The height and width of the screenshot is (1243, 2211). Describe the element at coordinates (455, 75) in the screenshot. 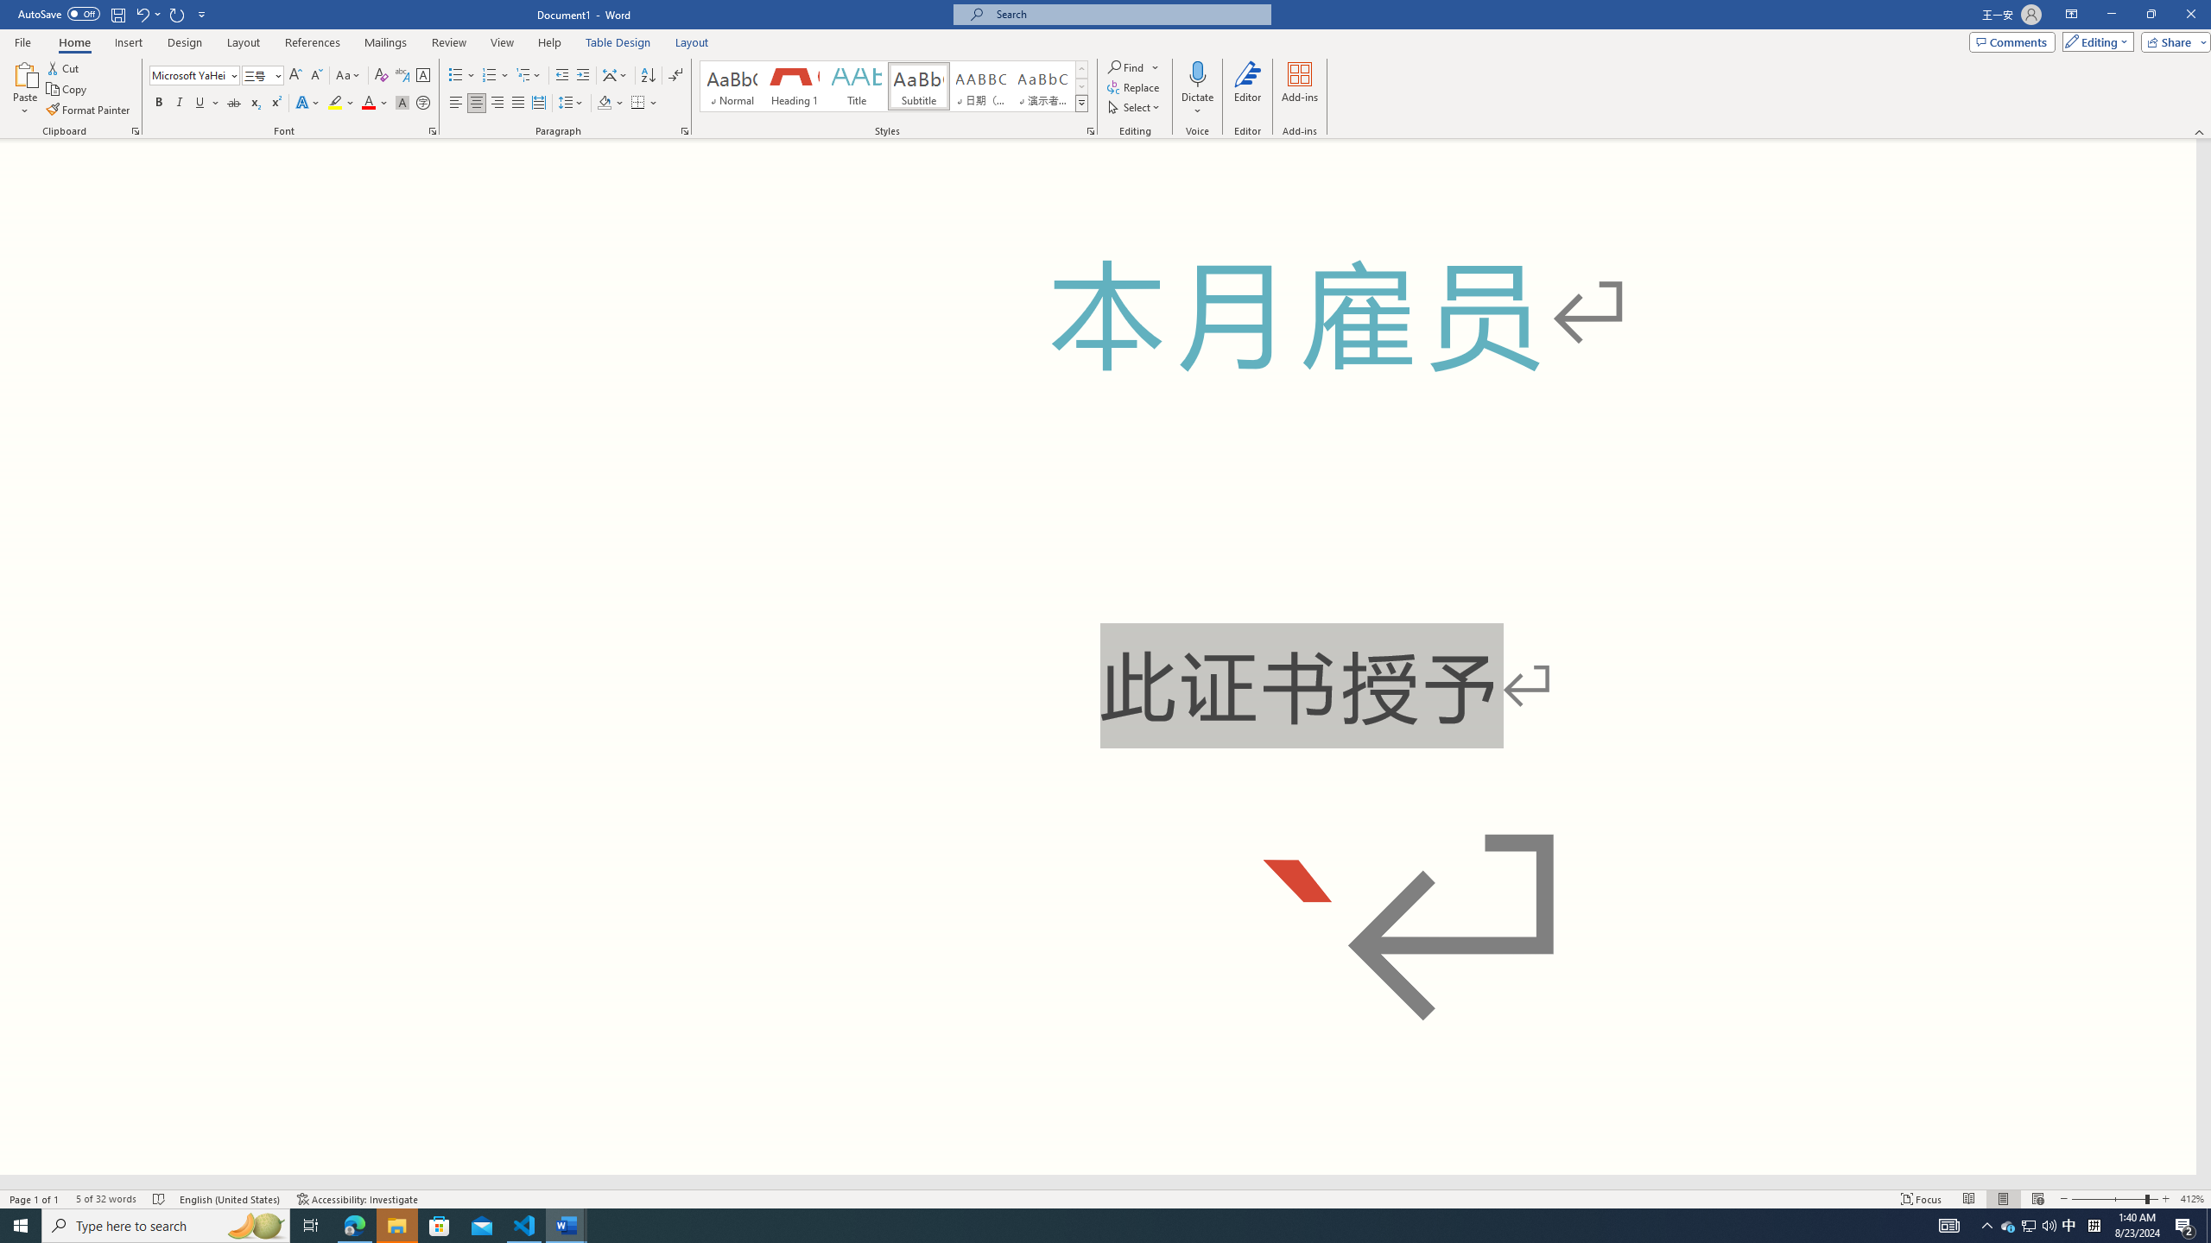

I see `'Bullets'` at that location.